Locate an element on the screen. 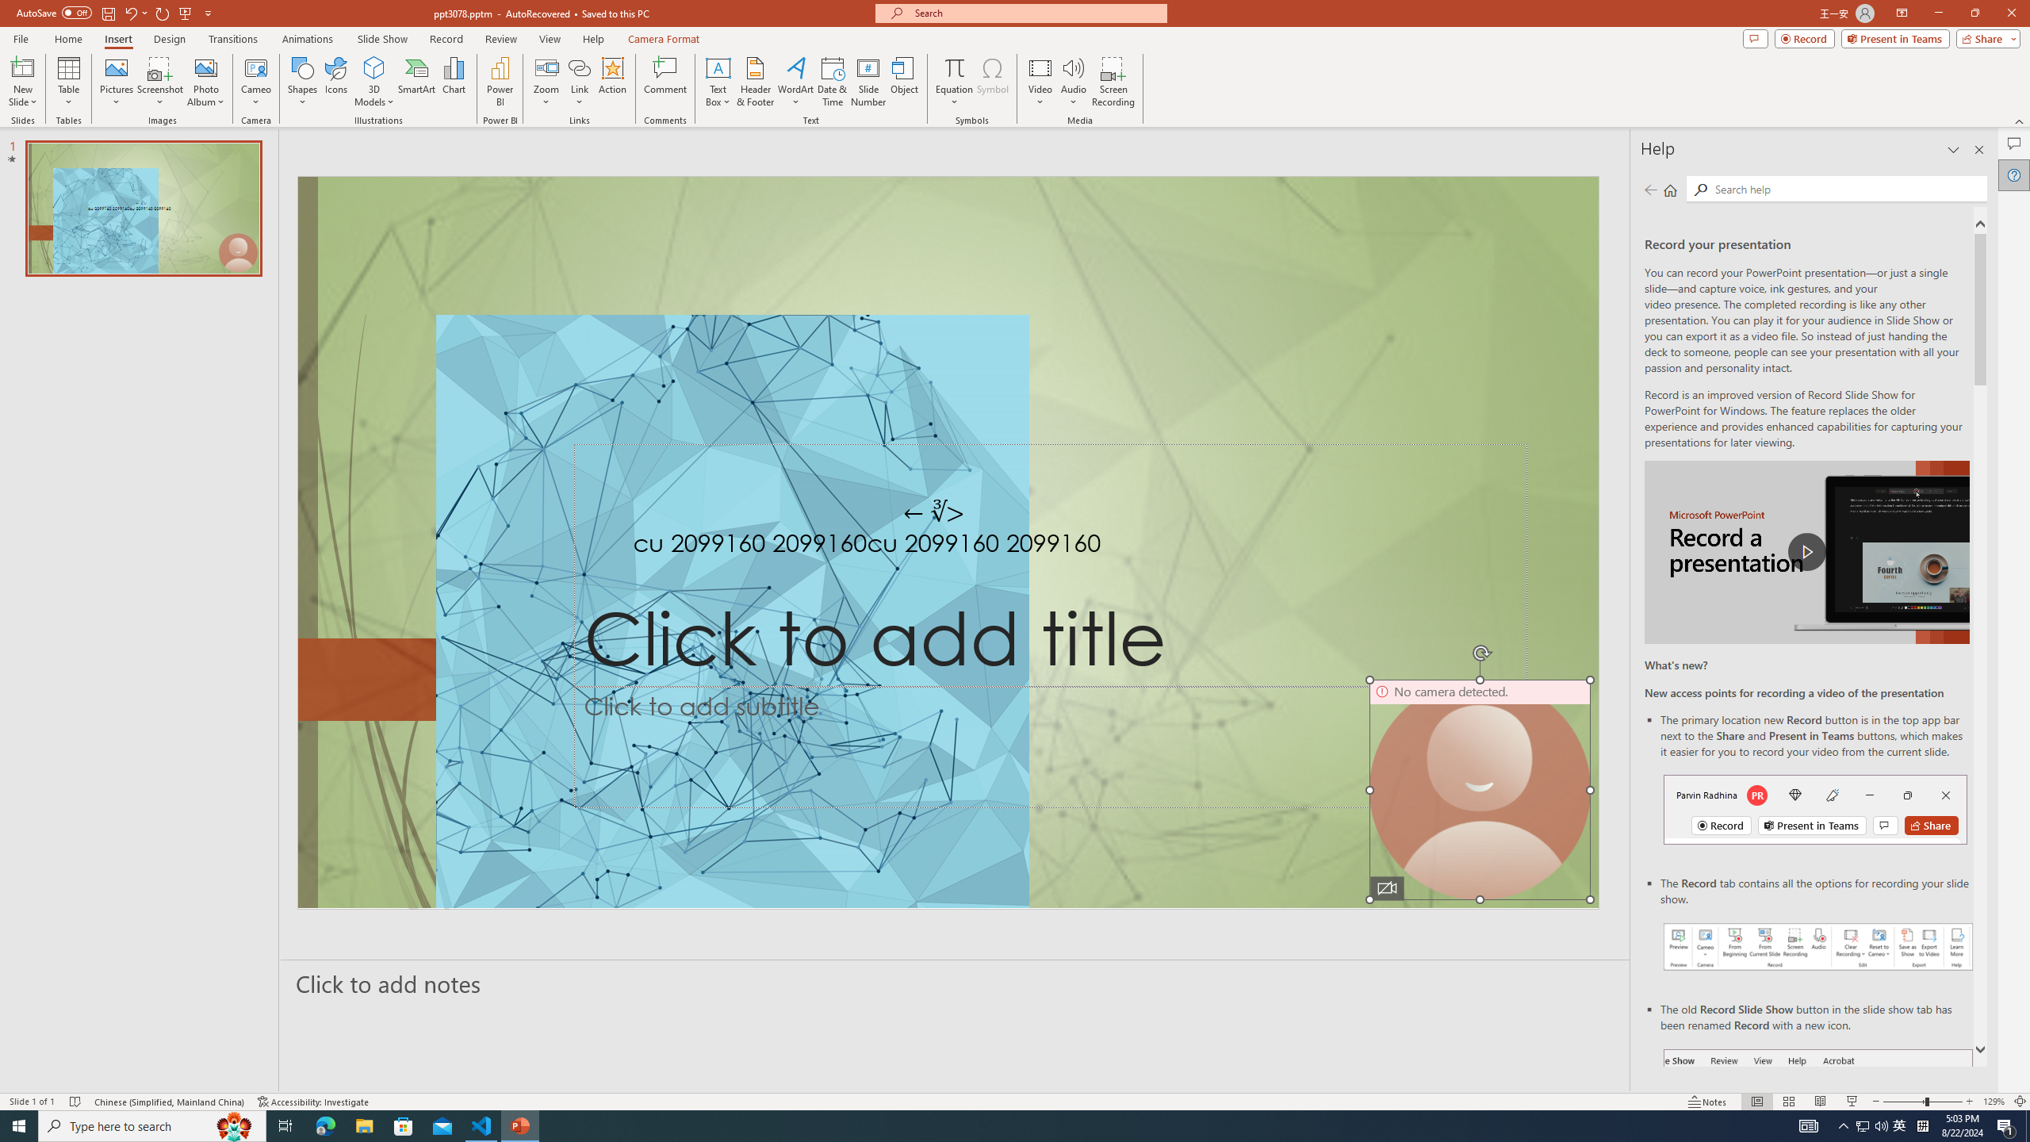 The height and width of the screenshot is (1142, 2030). 'Draw Horizontal Text Box' is located at coordinates (718, 67).